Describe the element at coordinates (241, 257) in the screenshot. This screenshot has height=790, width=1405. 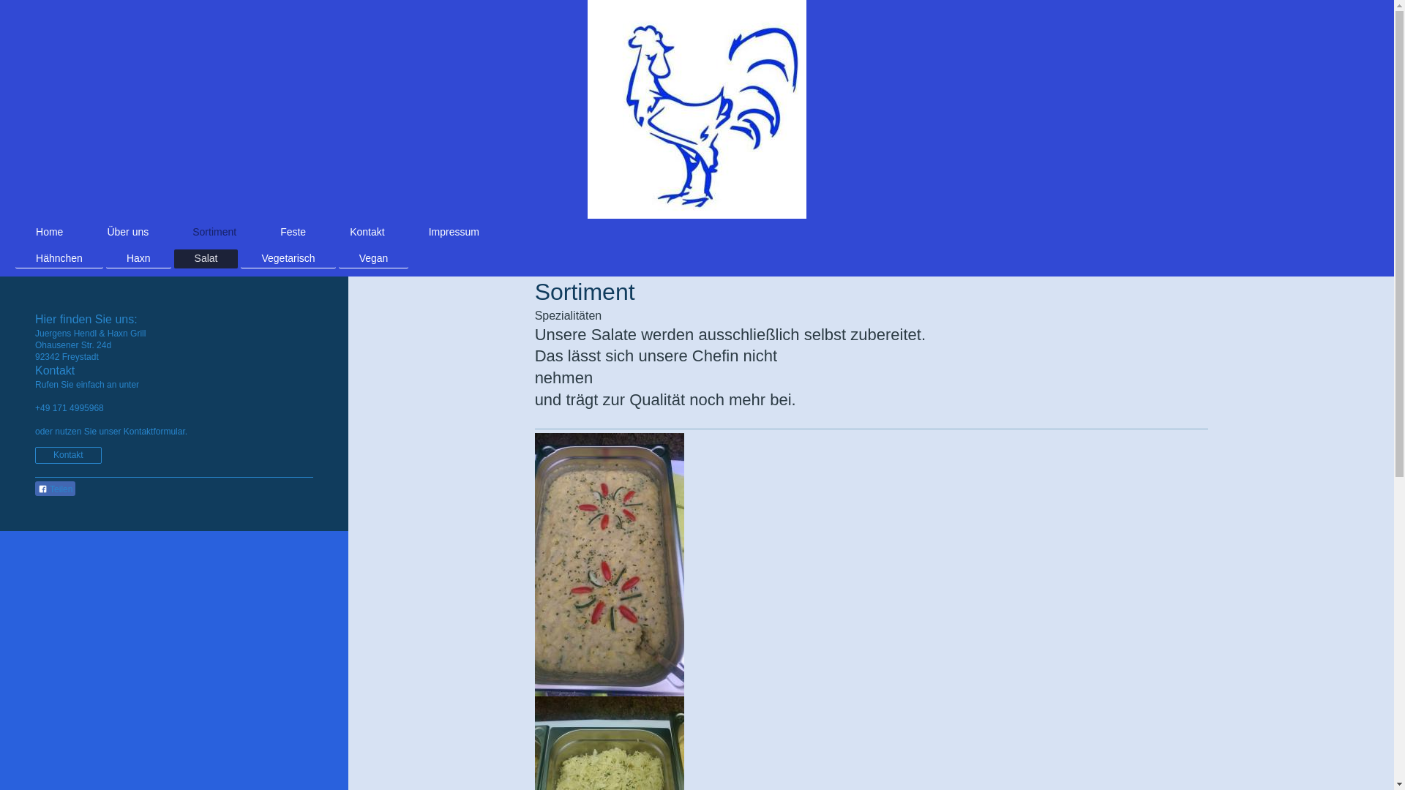
I see `'Vegetarisch'` at that location.